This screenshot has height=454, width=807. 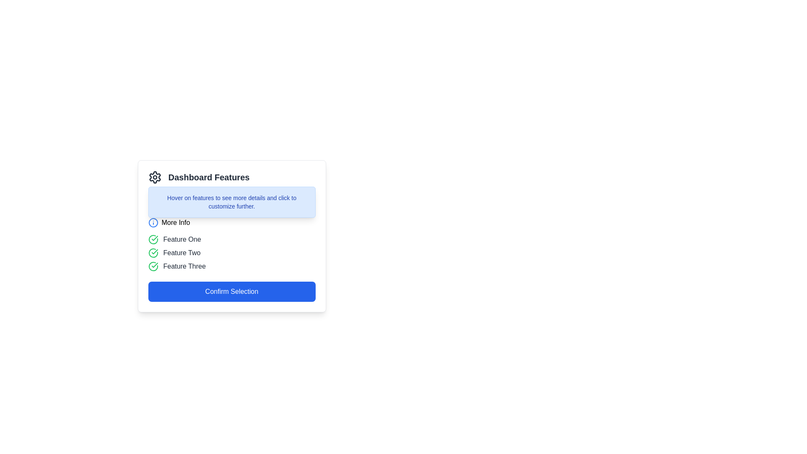 I want to click on the visual indicator icon for 'Feature Three' in the 'Dashboard Features' section, so click(x=153, y=266).